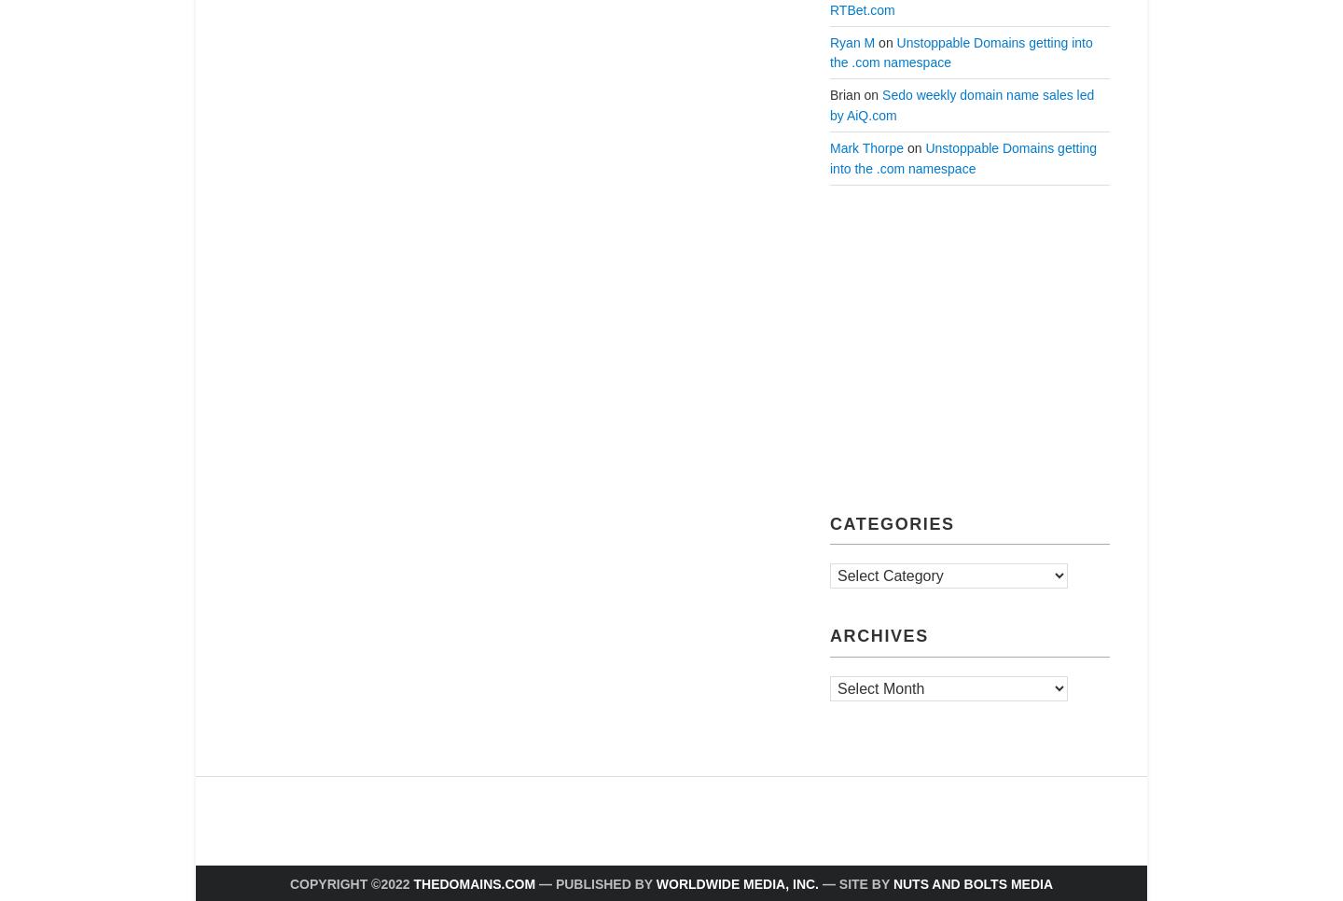 The width and height of the screenshot is (1343, 901). What do you see at coordinates (962, 105) in the screenshot?
I see `'Sedo weekly domain name sales led by AiQ.com'` at bounding box center [962, 105].